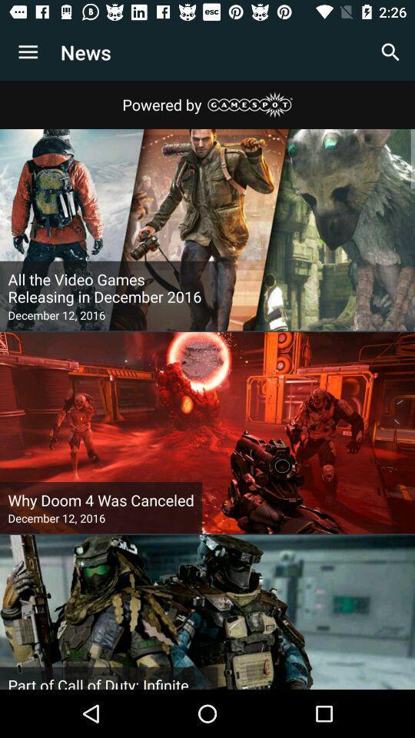  What do you see at coordinates (108, 288) in the screenshot?
I see `all the video` at bounding box center [108, 288].